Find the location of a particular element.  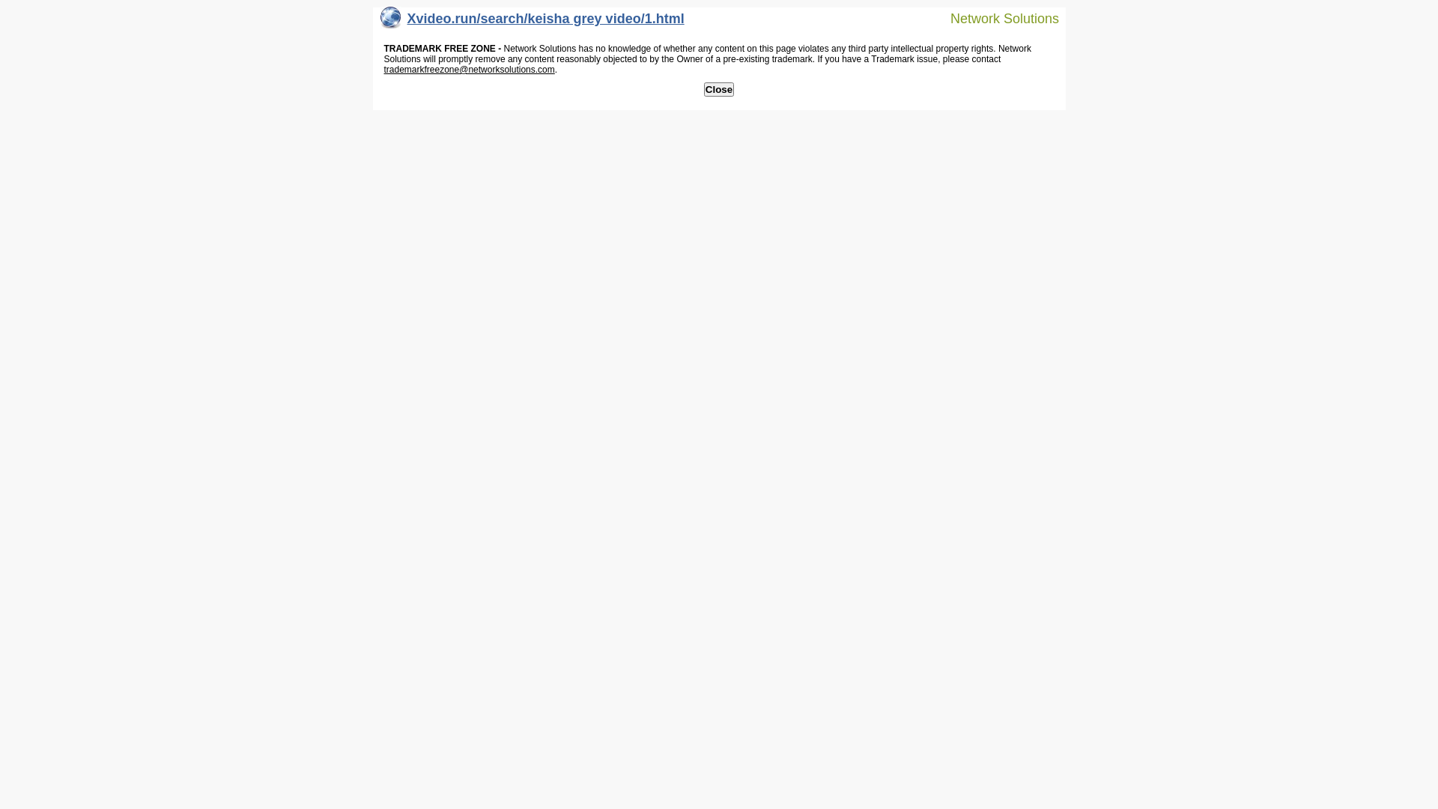

'trademarkfreezone@networksolutions.com' is located at coordinates (467, 69).